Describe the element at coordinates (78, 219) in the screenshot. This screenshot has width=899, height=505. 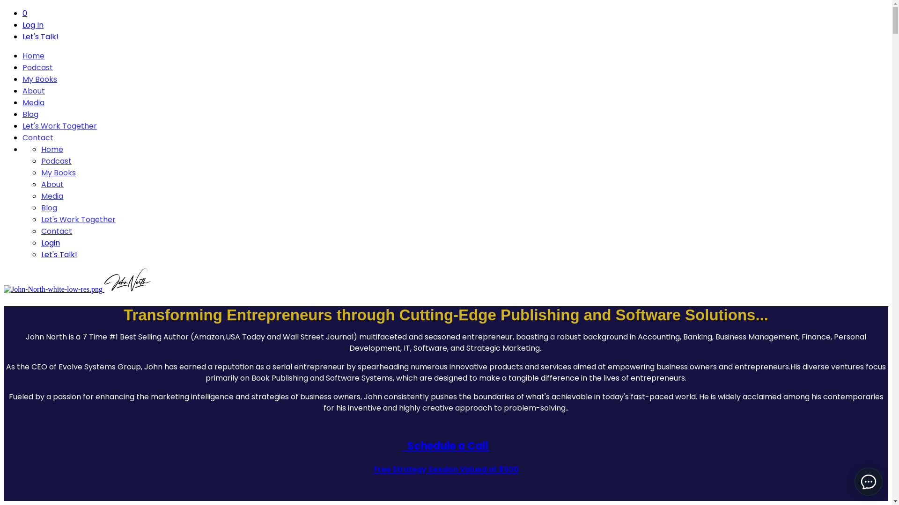
I see `'Let's Work Together'` at that location.